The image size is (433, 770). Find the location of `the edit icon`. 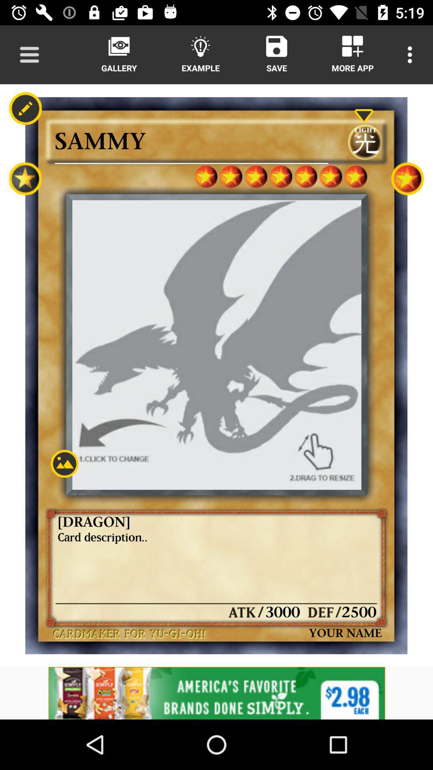

the edit icon is located at coordinates (25, 108).